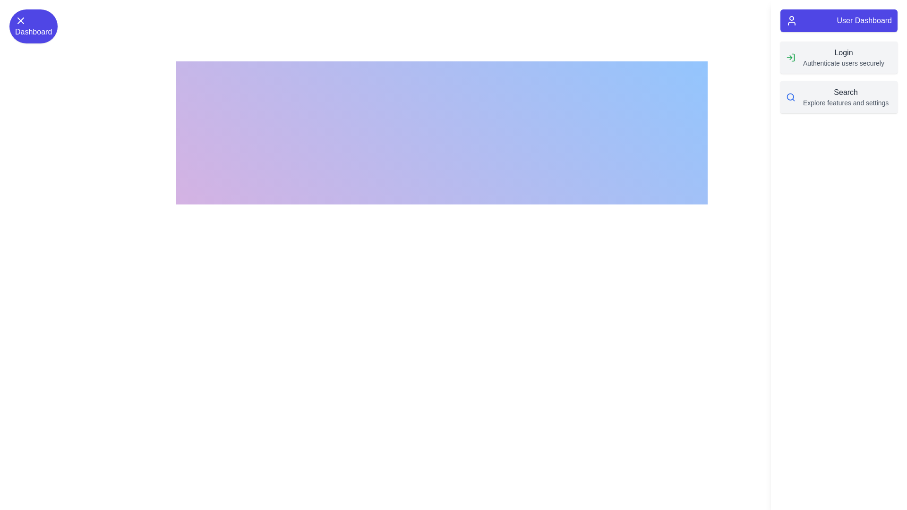  I want to click on the 'Search' option in the UserDashboardDrawer, so click(791, 97).